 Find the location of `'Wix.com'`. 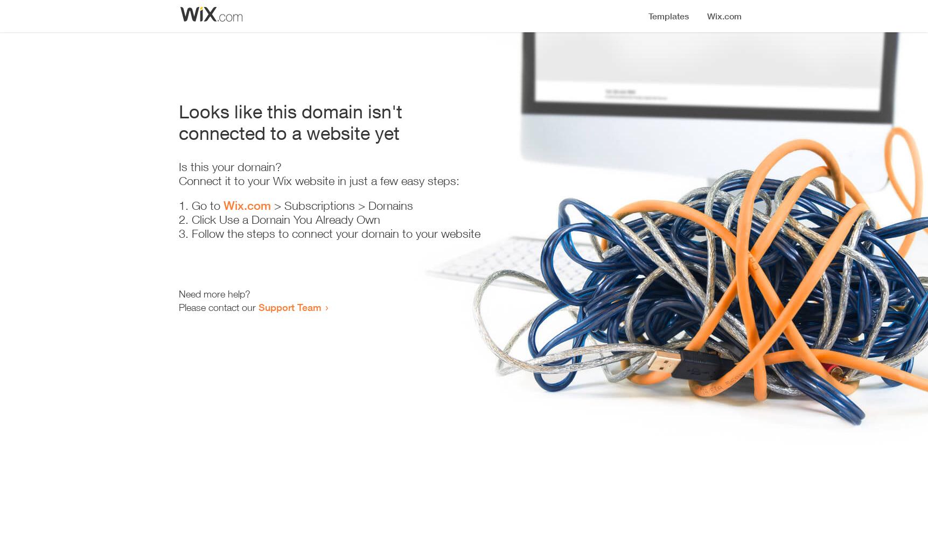

'Wix.com' is located at coordinates (246, 206).